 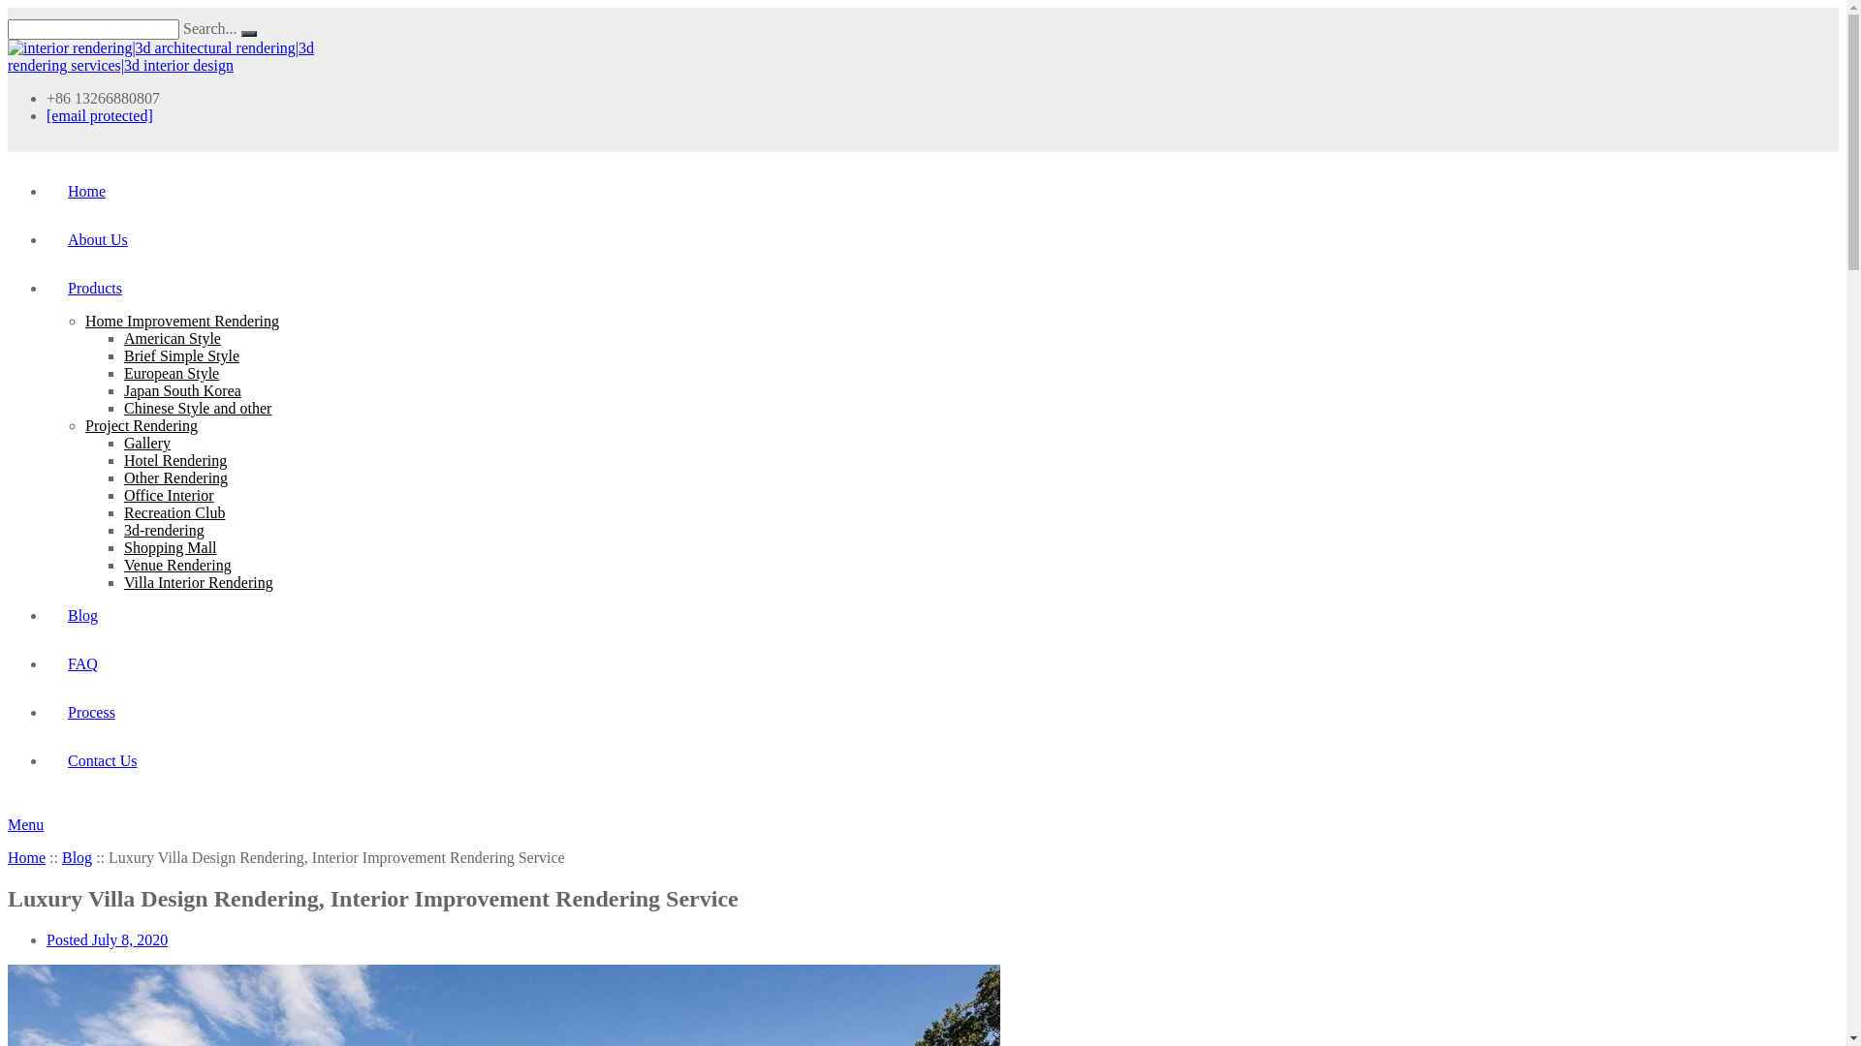 I want to click on 'Home', so click(x=26, y=856).